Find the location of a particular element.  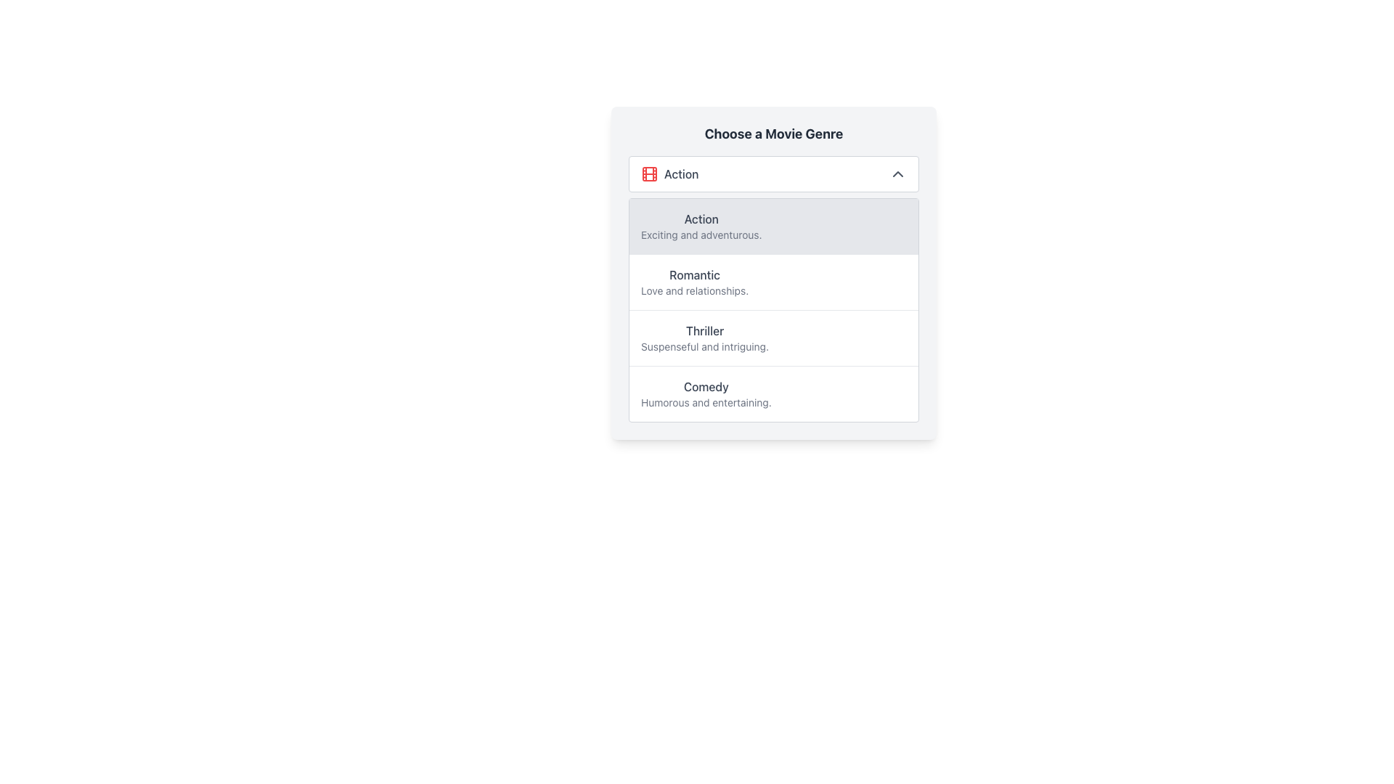

text 'Thriller' from the third item in the vertically arranged list of movie genres in the modal popup, which is styled with bold font and provides additional context with the subtitle 'Suspenseful and intriguing.' is located at coordinates (704, 330).